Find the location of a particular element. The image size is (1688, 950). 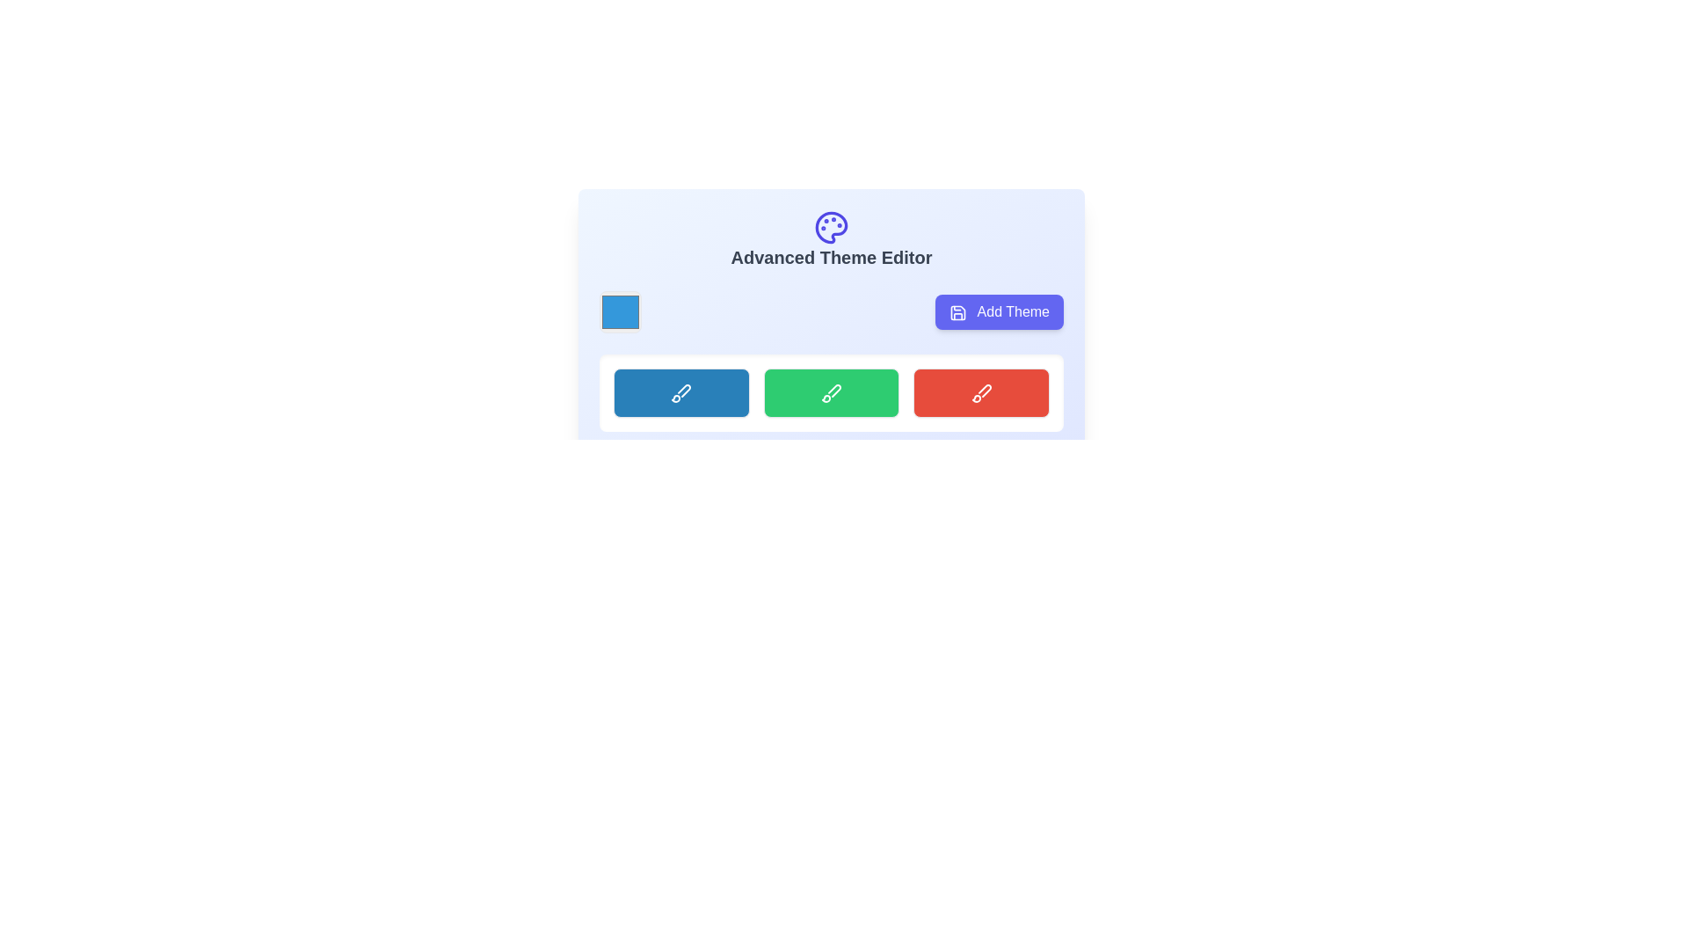

the second button in the 'Advanced Theme Editor' section, which has a brush icon is located at coordinates (830, 392).